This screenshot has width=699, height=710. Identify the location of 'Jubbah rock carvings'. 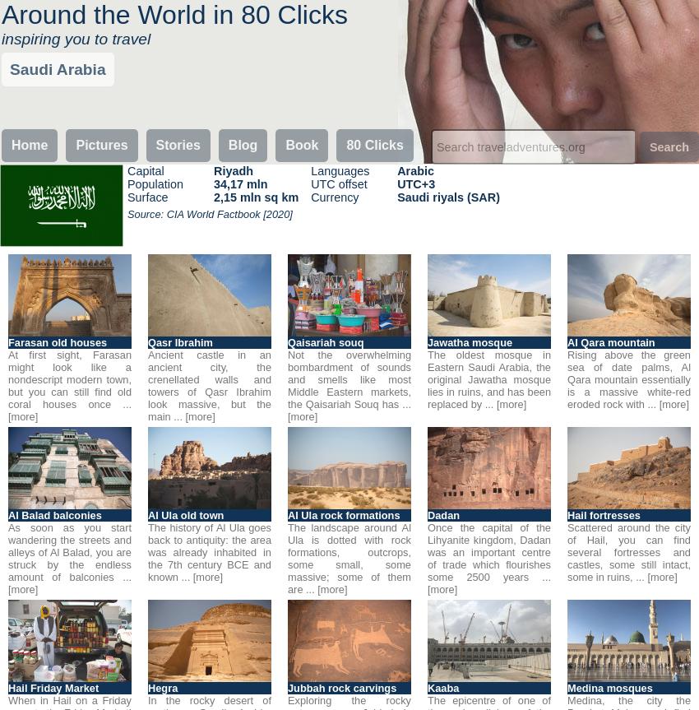
(287, 687).